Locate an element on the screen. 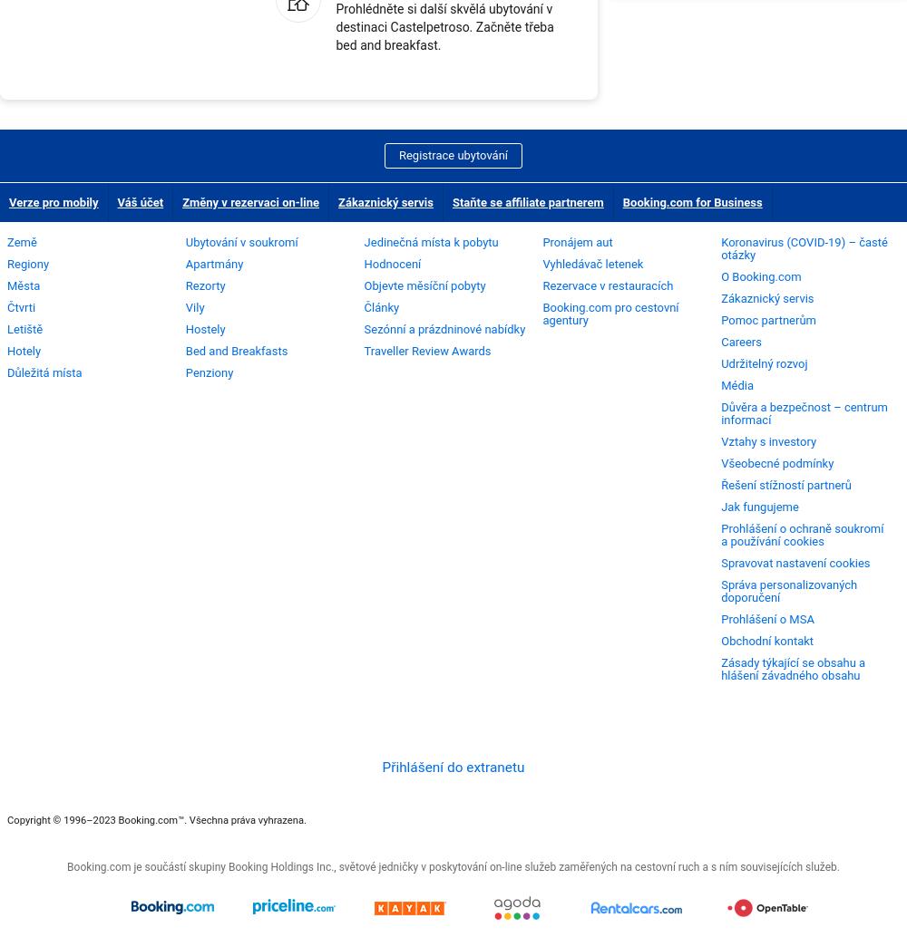  'Jak fungujeme' is located at coordinates (721, 506).